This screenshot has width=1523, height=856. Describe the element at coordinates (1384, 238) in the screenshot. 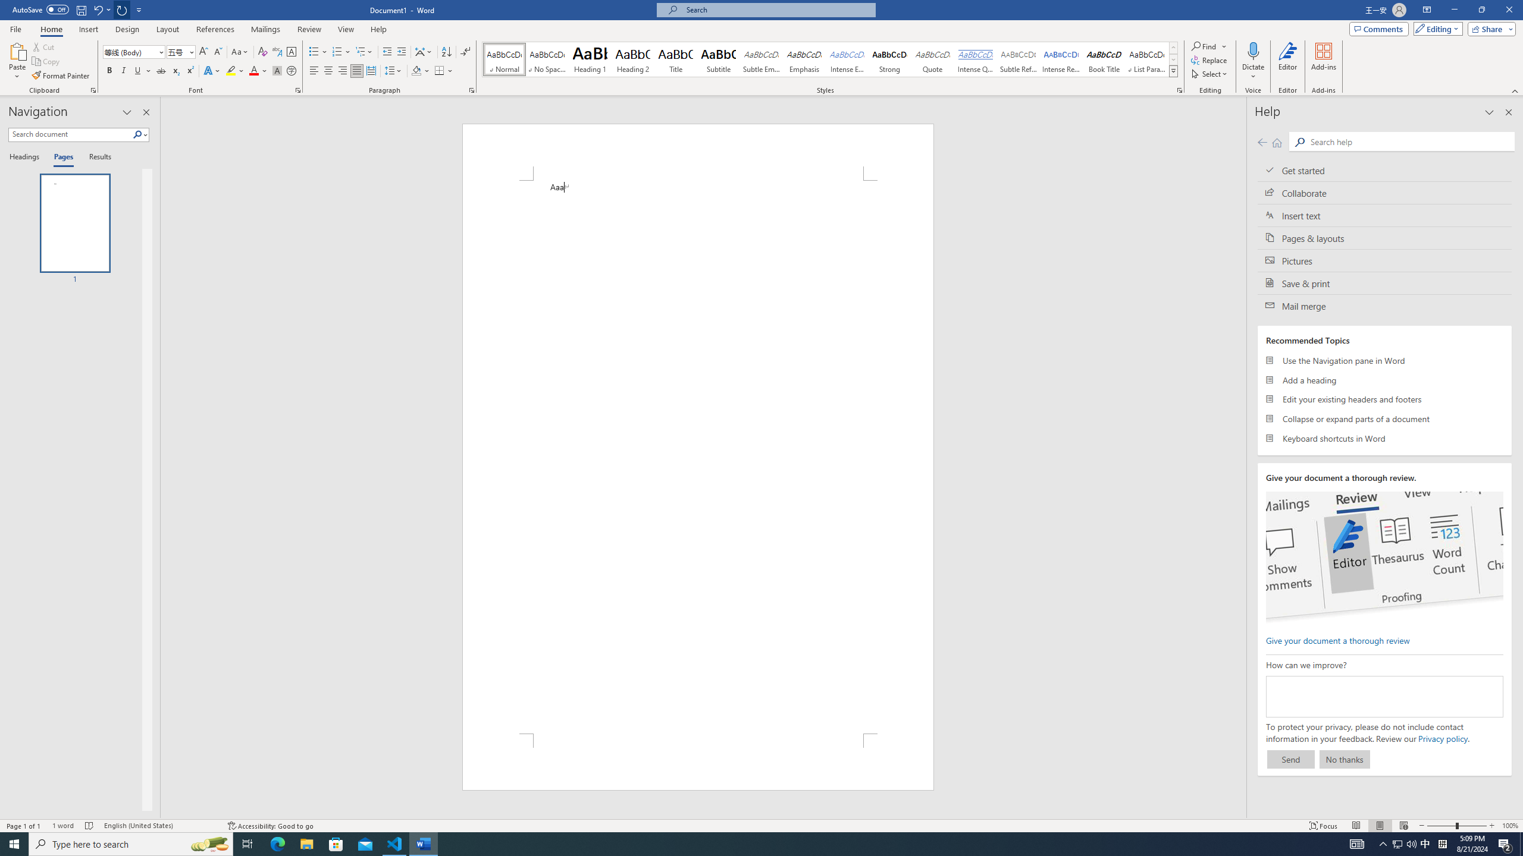

I see `'Pages & layouts'` at that location.